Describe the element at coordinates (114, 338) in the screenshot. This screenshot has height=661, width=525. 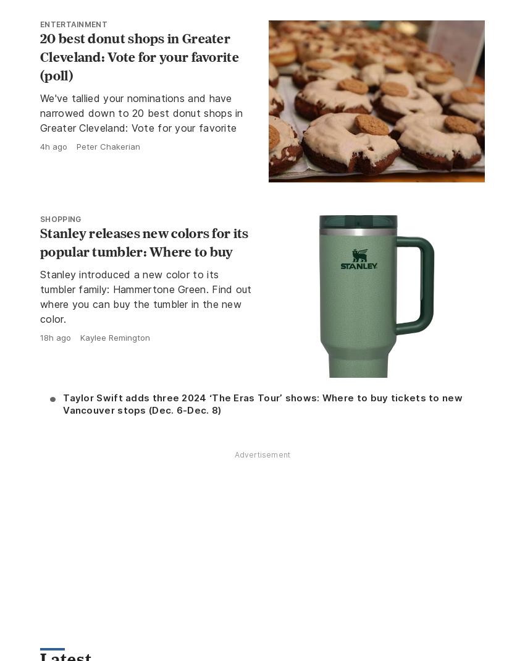
I see `'Kaylee Remington'` at that location.